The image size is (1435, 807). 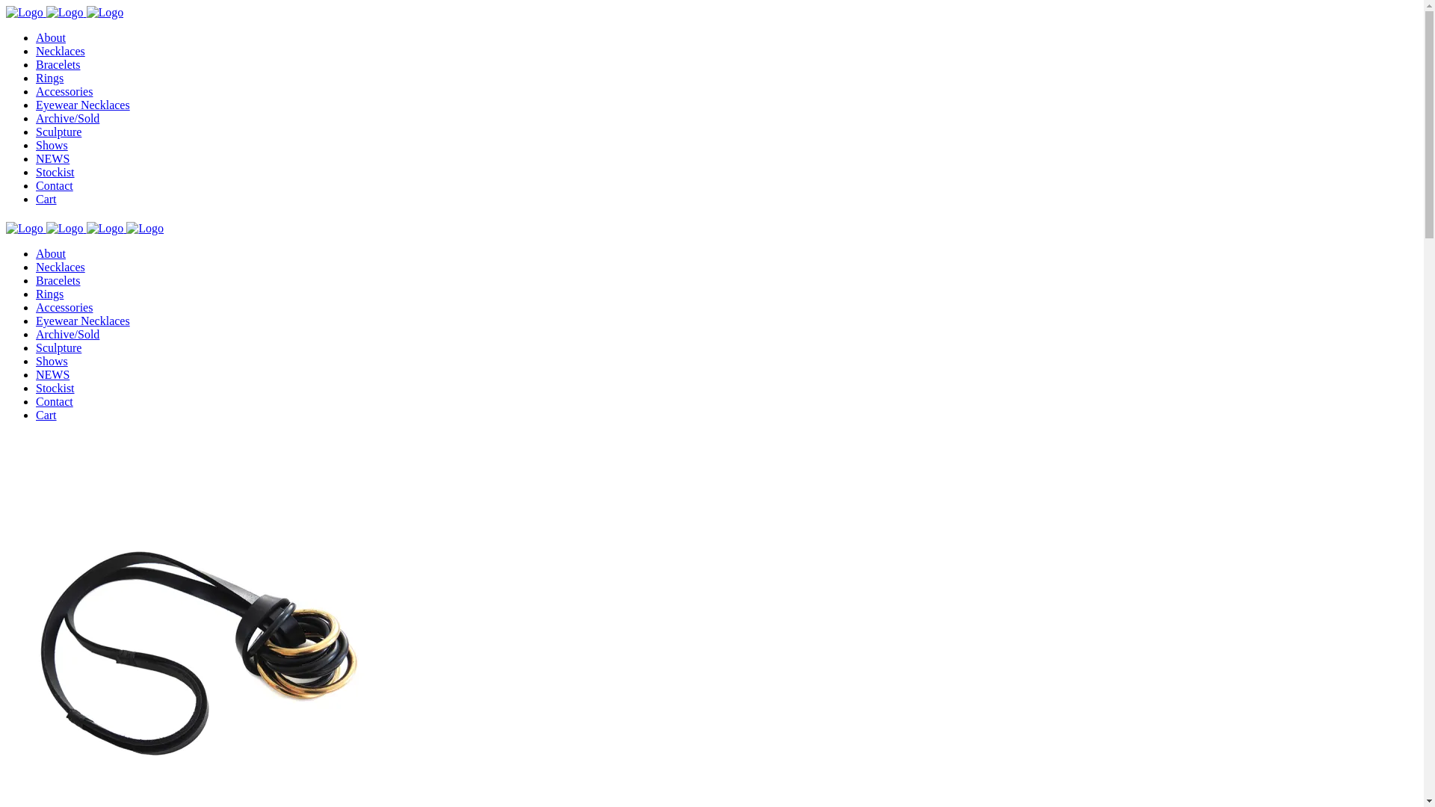 I want to click on 'NEWS', so click(x=52, y=158).